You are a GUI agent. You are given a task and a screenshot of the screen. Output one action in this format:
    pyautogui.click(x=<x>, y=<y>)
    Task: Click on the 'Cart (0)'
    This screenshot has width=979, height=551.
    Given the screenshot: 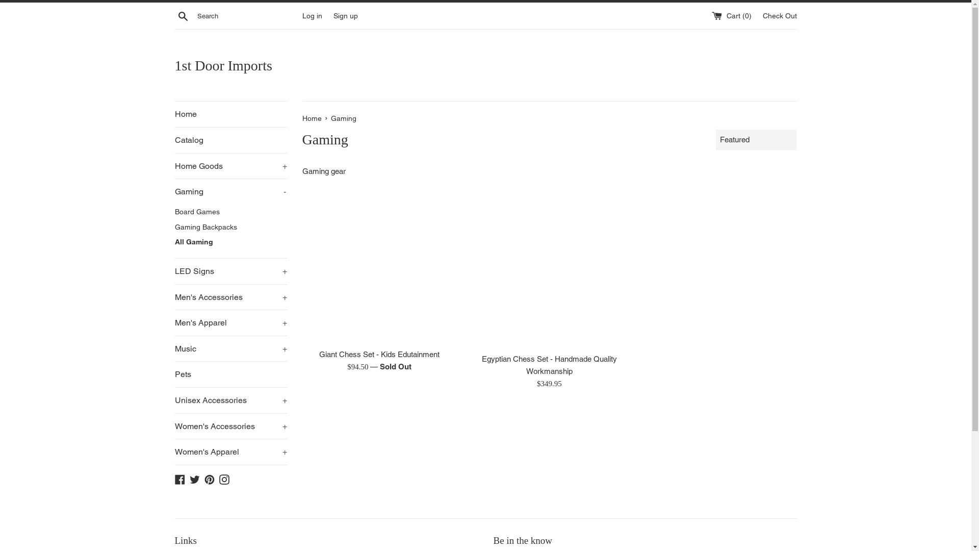 What is the action you would take?
    pyautogui.click(x=732, y=15)
    